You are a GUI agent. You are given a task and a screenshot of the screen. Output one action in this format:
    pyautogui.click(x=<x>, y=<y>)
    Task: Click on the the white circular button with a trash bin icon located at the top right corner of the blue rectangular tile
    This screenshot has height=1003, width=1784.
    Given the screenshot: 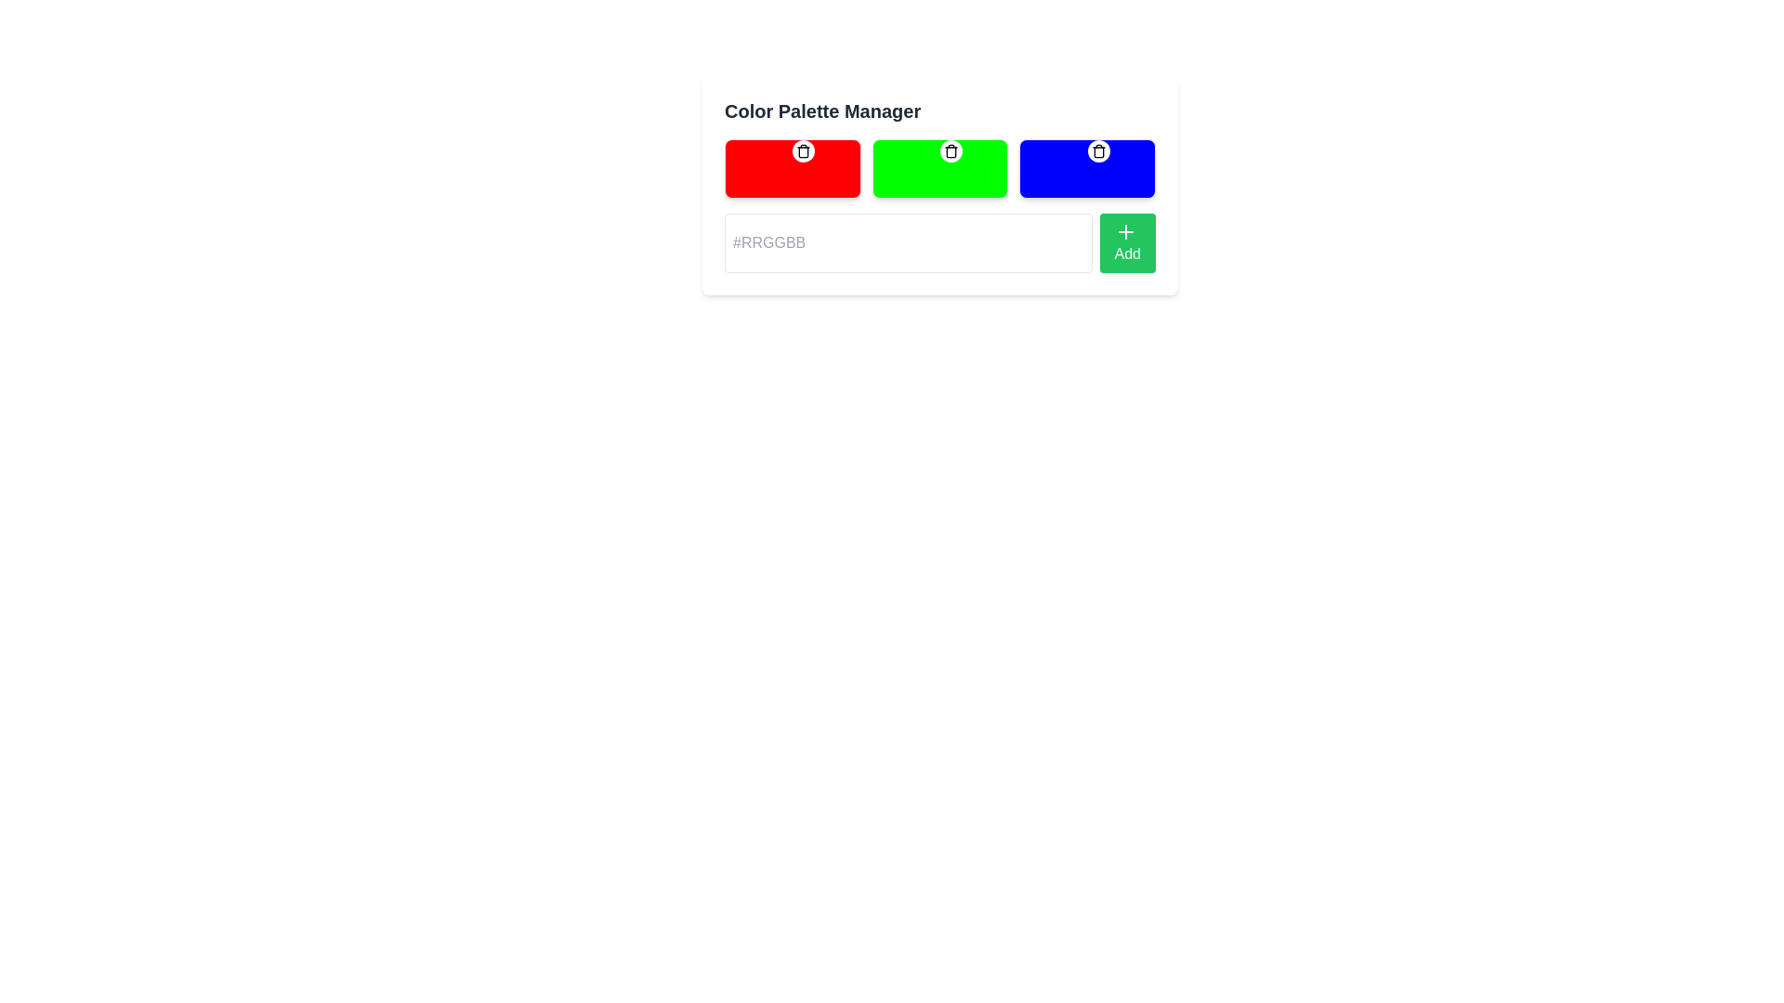 What is the action you would take?
    pyautogui.click(x=1098, y=150)
    